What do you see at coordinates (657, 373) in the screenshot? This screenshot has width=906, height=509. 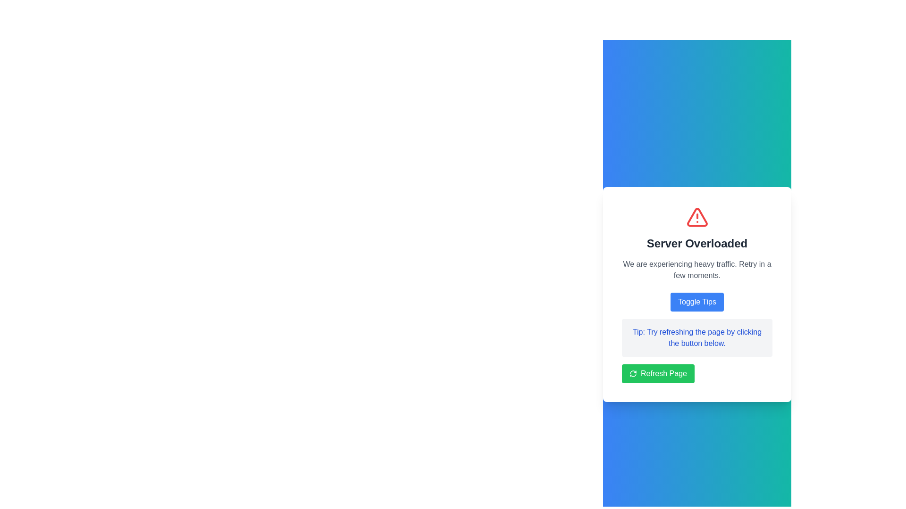 I see `the 'Reload' button located at the bottom of the 'Server Overloaded' card component to observe any hover effects` at bounding box center [657, 373].